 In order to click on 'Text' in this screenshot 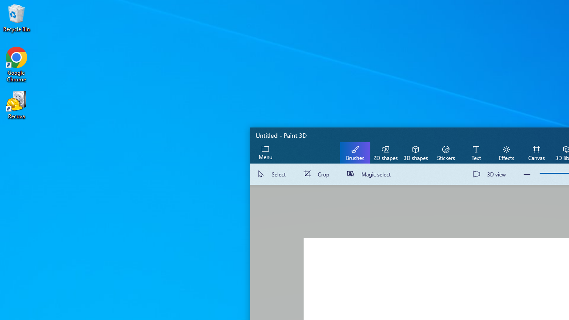, I will do `click(475, 152)`.